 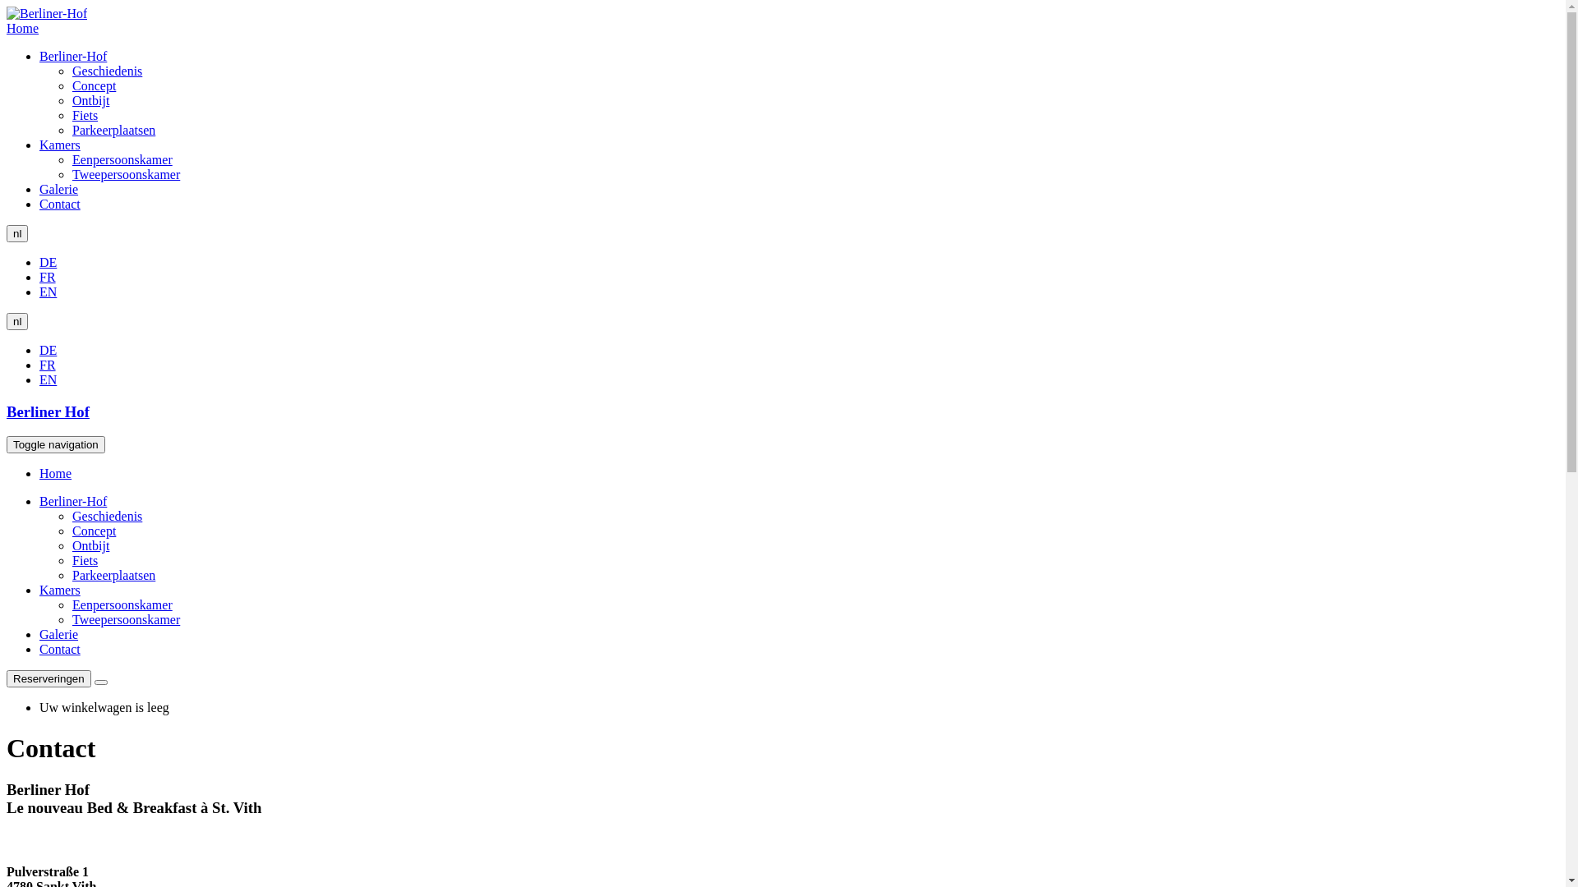 I want to click on 'Home', so click(x=55, y=473).